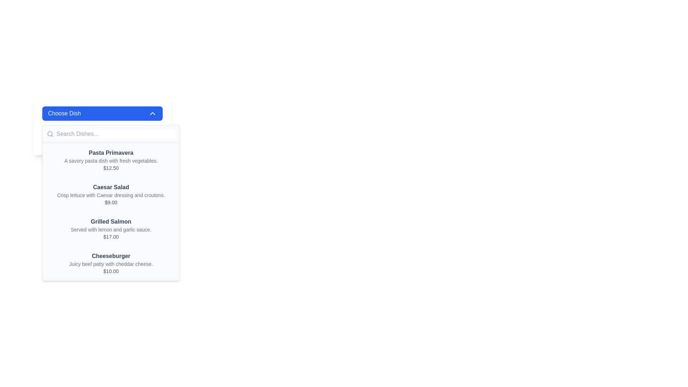 This screenshot has height=387, width=688. Describe the element at coordinates (102, 113) in the screenshot. I see `the button that reveals or hides the dropdown menu for selecting dishes, located above the search input area` at that location.